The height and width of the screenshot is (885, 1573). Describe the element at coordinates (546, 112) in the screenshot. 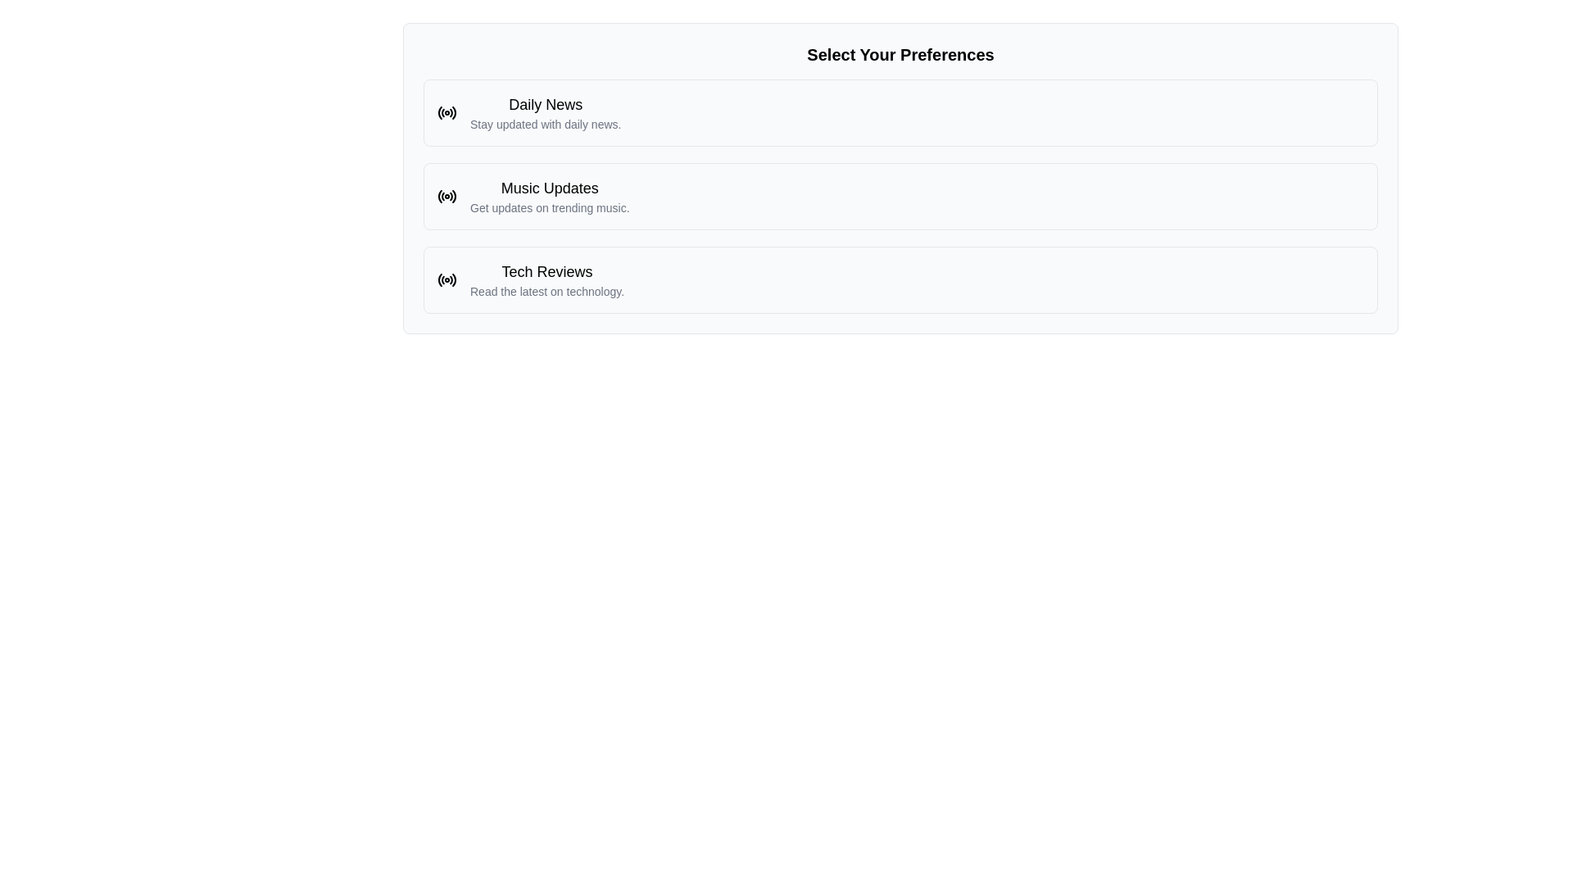

I see `the first clickable list item in the selection menu representing 'Daily News', which is displayed in the middle of the interface` at that location.